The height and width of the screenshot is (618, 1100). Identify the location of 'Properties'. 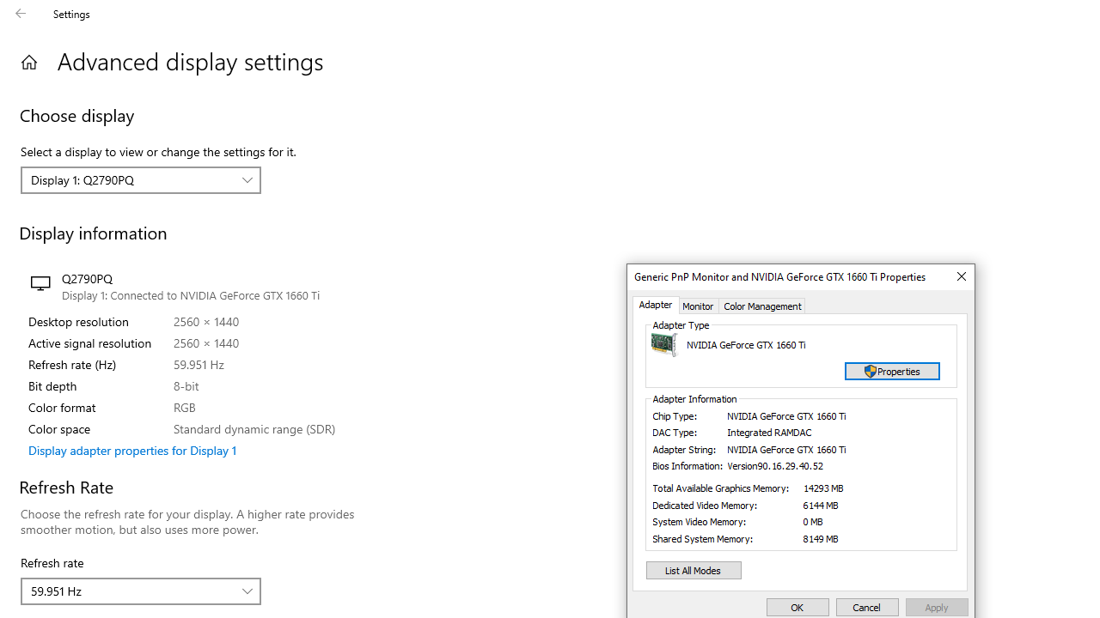
(892, 370).